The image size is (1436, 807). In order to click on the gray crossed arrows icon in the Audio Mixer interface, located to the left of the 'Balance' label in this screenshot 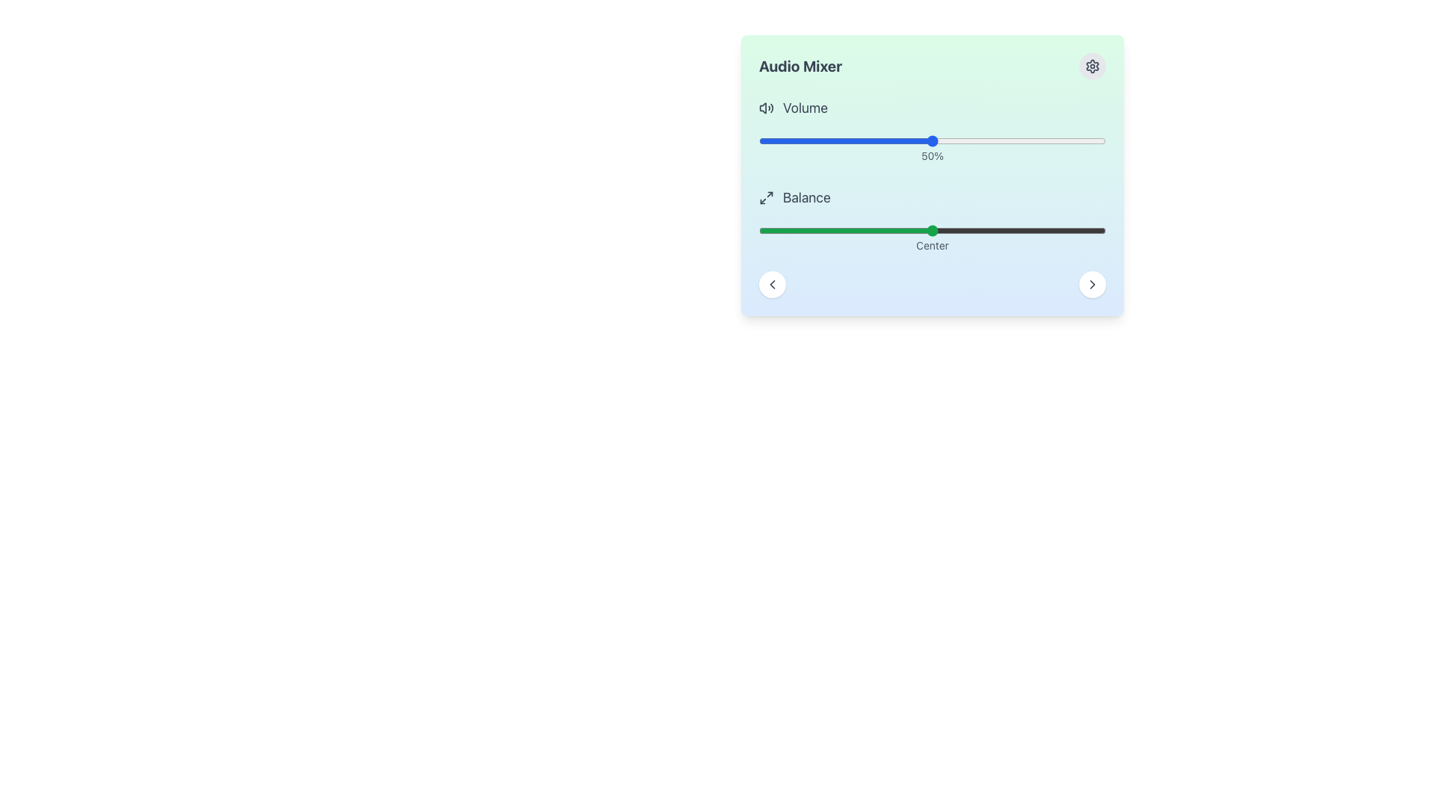, I will do `click(767, 197)`.